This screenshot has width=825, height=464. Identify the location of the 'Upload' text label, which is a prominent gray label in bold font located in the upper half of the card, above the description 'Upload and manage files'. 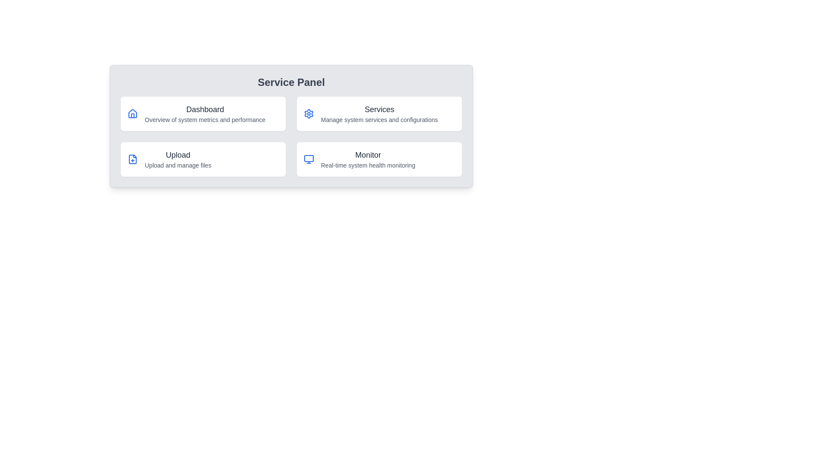
(177, 155).